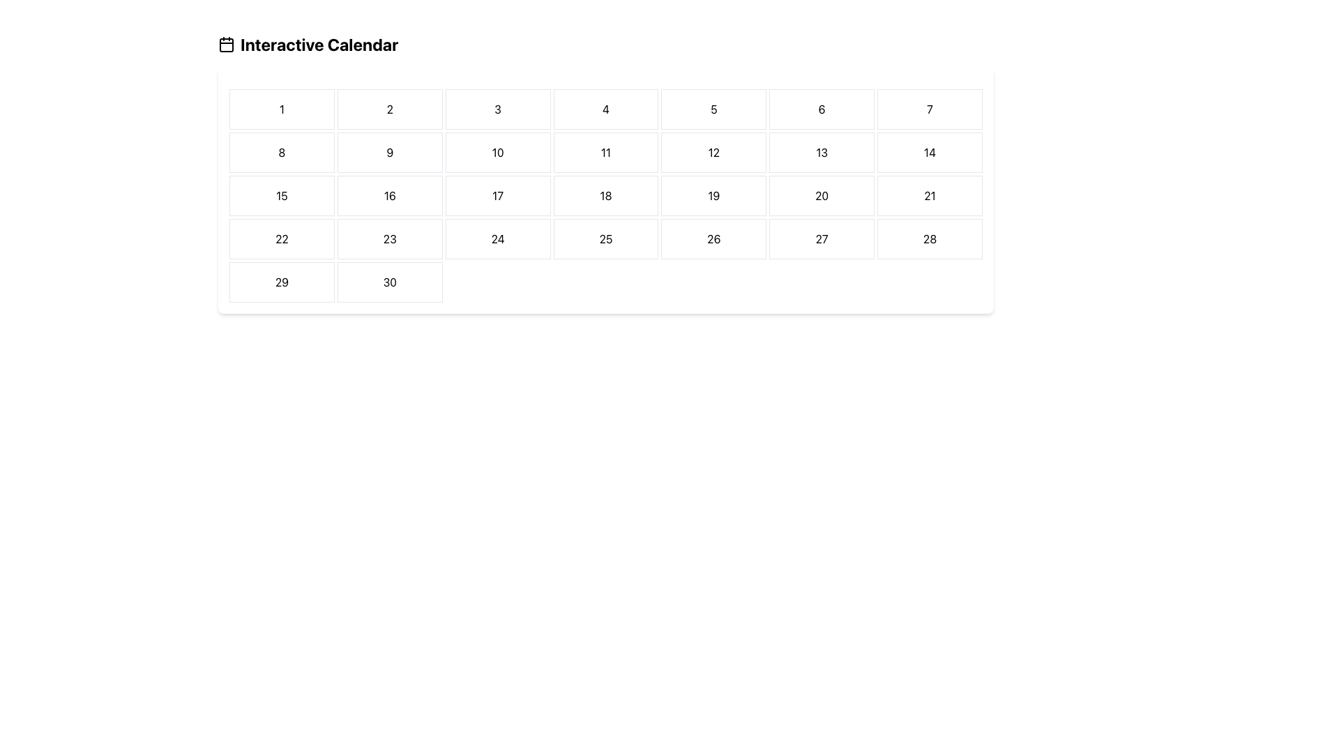 This screenshot has width=1339, height=753. What do you see at coordinates (713, 238) in the screenshot?
I see `the visual number representation '26' in the calendar grid, located in the last row and fifth column, between '25' and '27'` at bounding box center [713, 238].